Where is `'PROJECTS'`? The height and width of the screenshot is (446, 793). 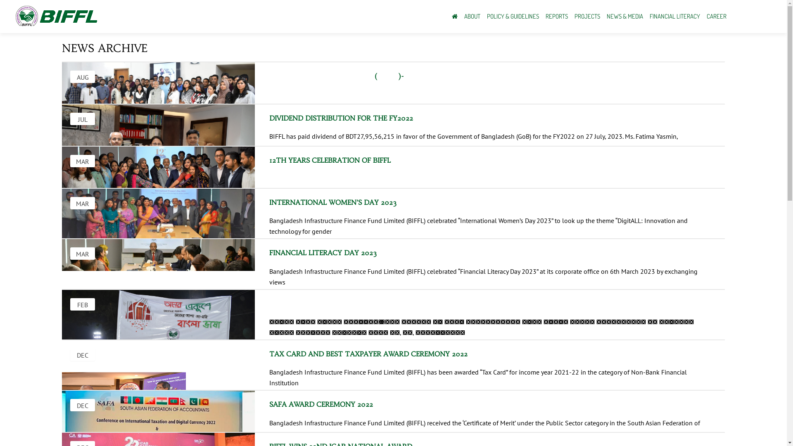 'PROJECTS' is located at coordinates (570, 16).